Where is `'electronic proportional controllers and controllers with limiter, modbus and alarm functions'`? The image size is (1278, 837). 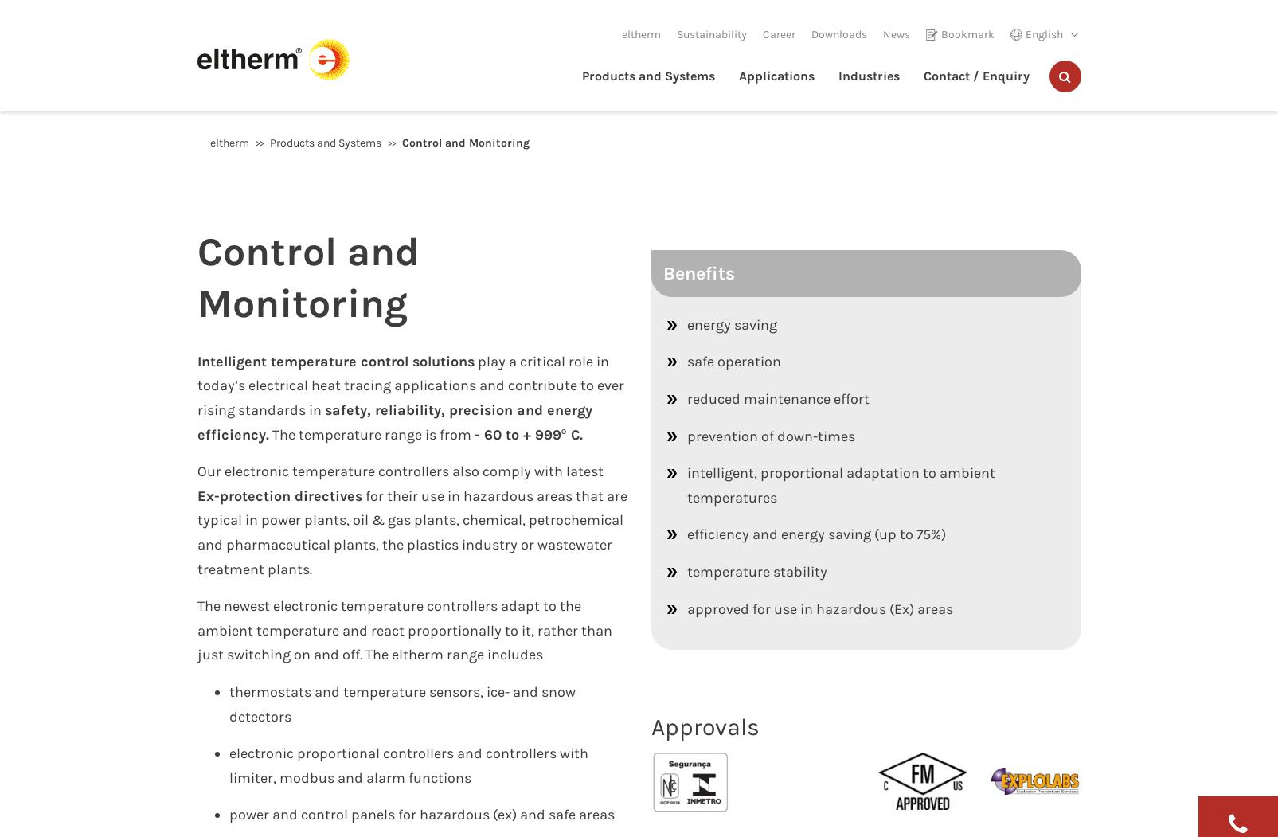
'electronic proportional controllers and controllers with limiter, modbus and alarm functions' is located at coordinates (408, 765).